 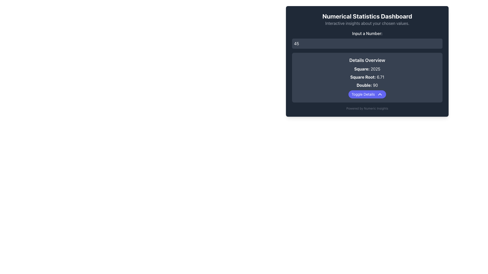 I want to click on the text label that reads 'Interactive insights about your chosen values.' located below the title 'Numerical Statistics Dashboard' in the header section of the dashboard, so click(x=367, y=23).